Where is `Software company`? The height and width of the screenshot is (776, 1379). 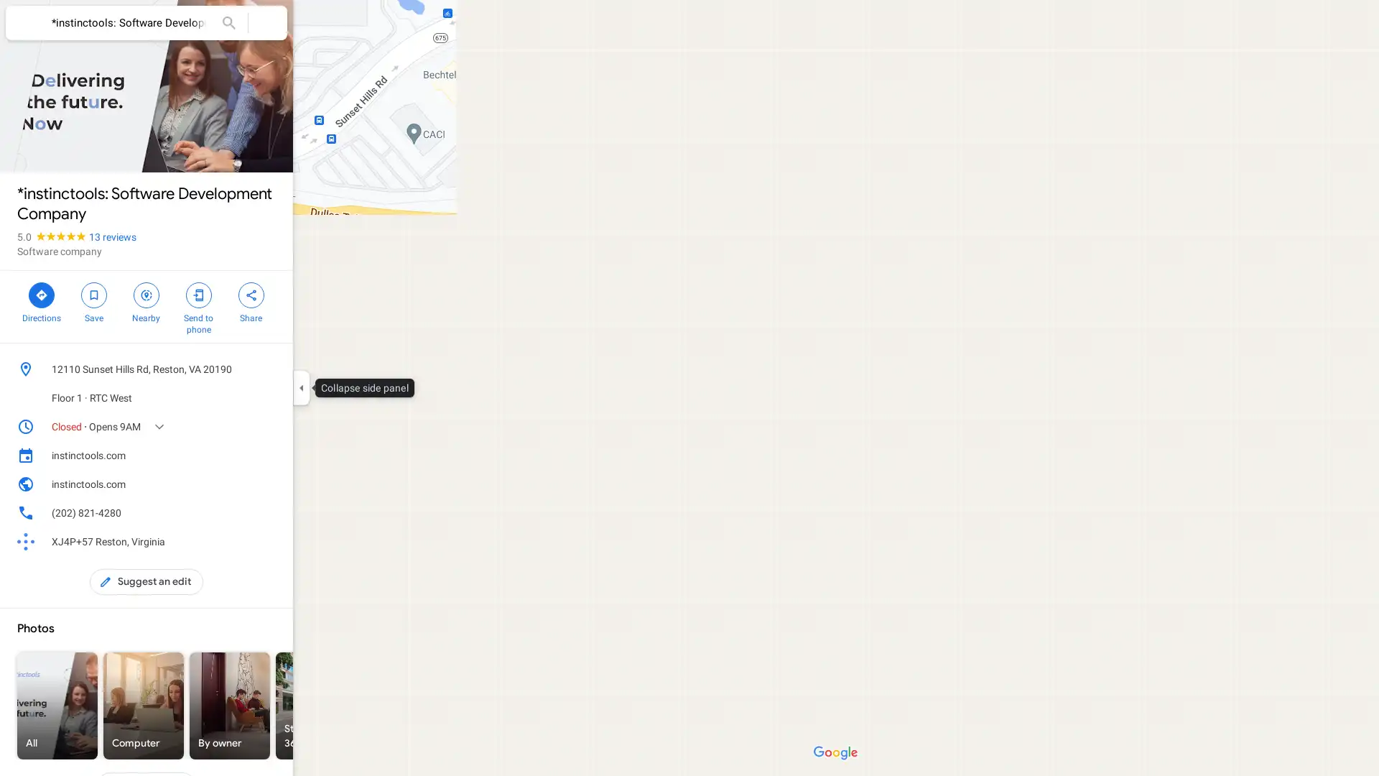
Software company is located at coordinates (58, 251).